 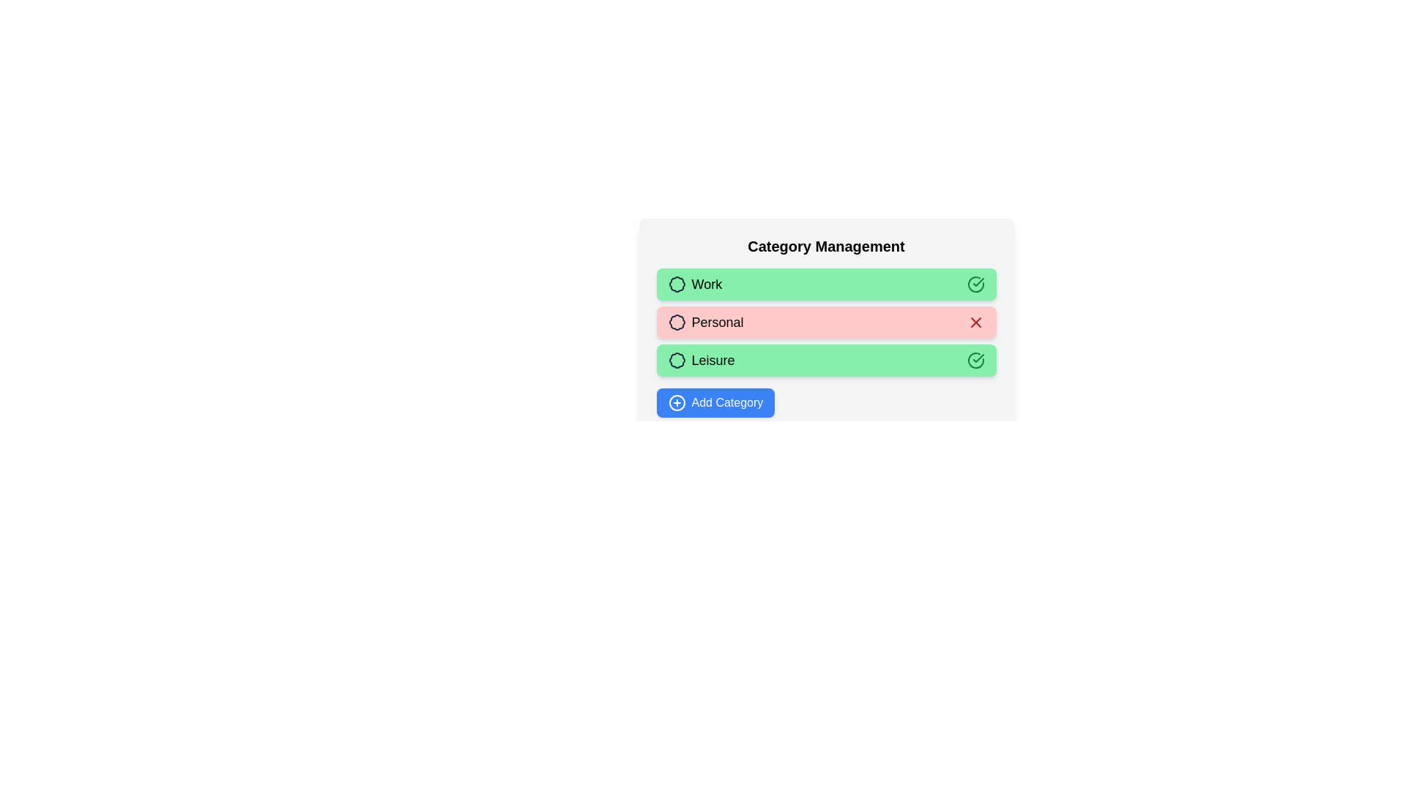 What do you see at coordinates (826, 285) in the screenshot?
I see `the category Work` at bounding box center [826, 285].